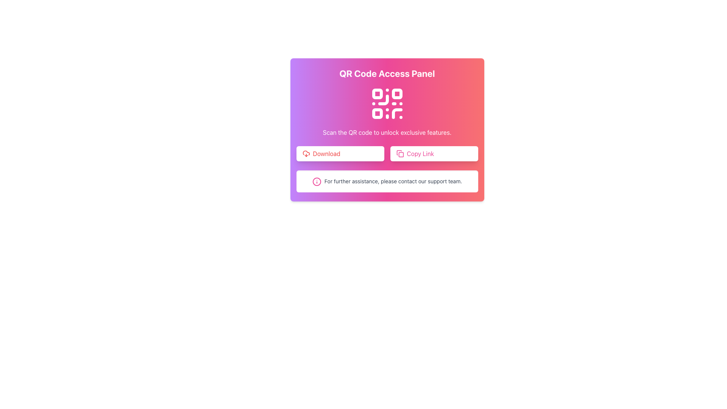 The height and width of the screenshot is (409, 727). What do you see at coordinates (393, 181) in the screenshot?
I see `the text element that reads 'For further assistance, please contact our support team.' which is styled in a small gray font and positioned to the right of a pink icon` at bounding box center [393, 181].